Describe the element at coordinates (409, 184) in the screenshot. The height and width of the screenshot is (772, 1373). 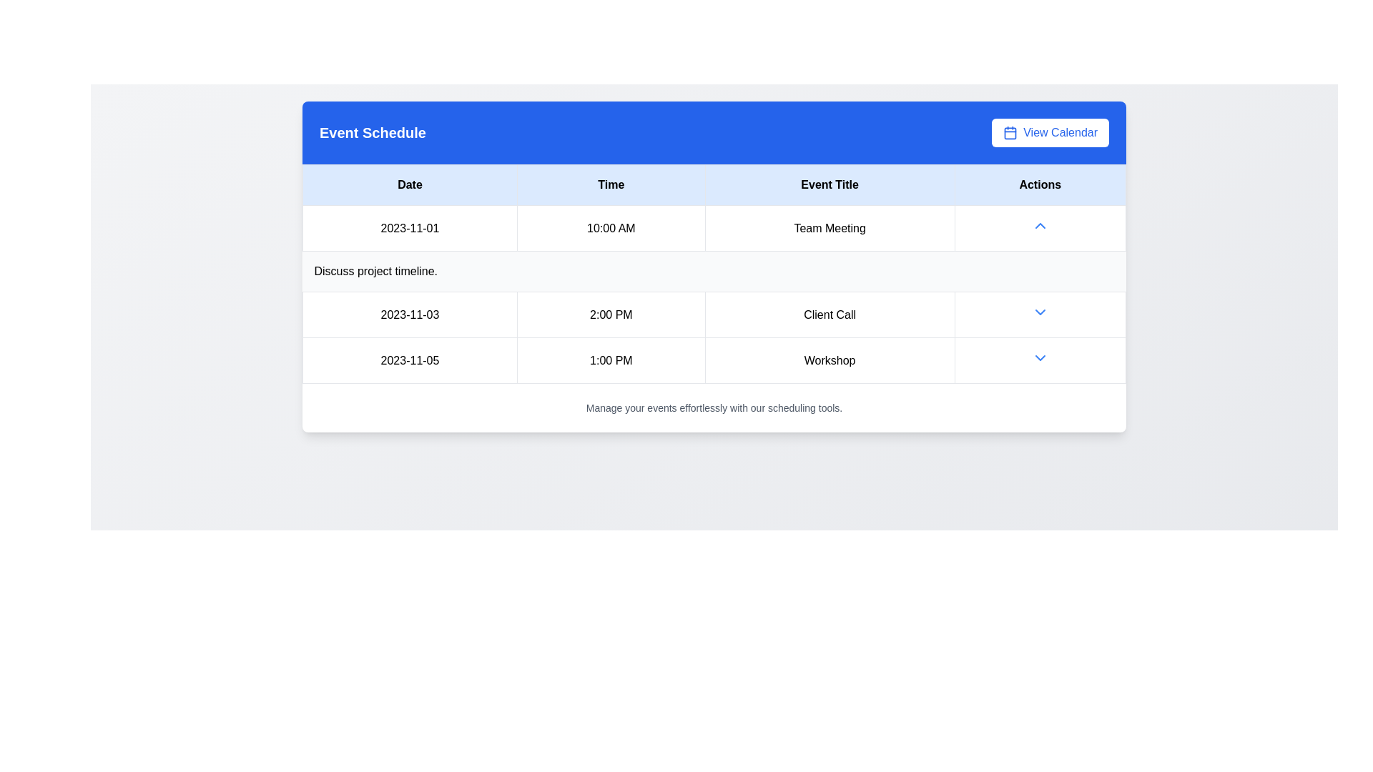
I see `the 'Date' table column header, which is the first column header in the four-column table layout, positioned to the left of the 'Time' header` at that location.